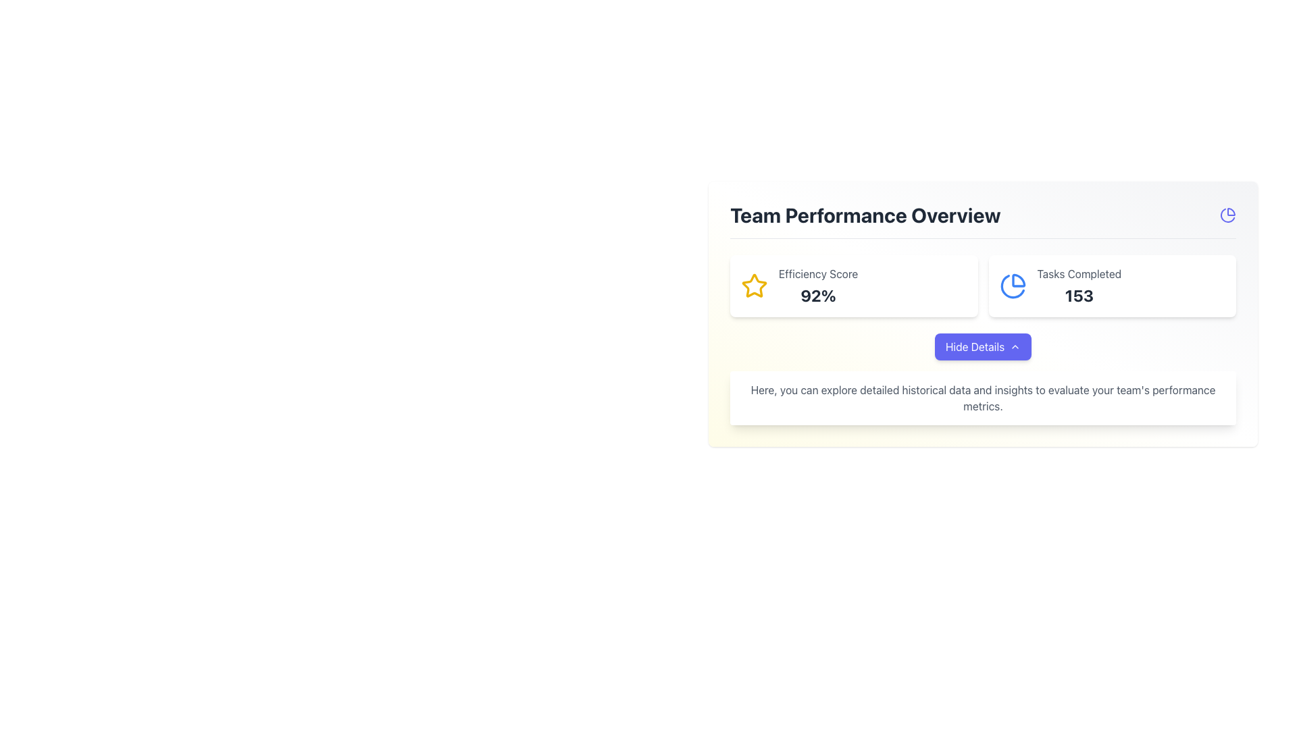 This screenshot has width=1297, height=729. What do you see at coordinates (853, 286) in the screenshot?
I see `the Informational card displaying the efficiency score in the 'Team Performance Overview' section` at bounding box center [853, 286].